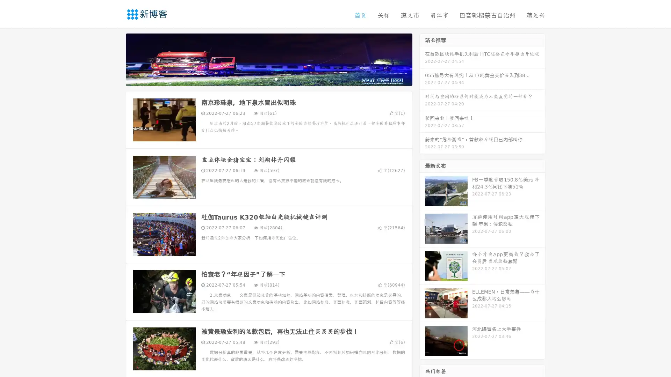  I want to click on Go to slide 2, so click(268, 79).